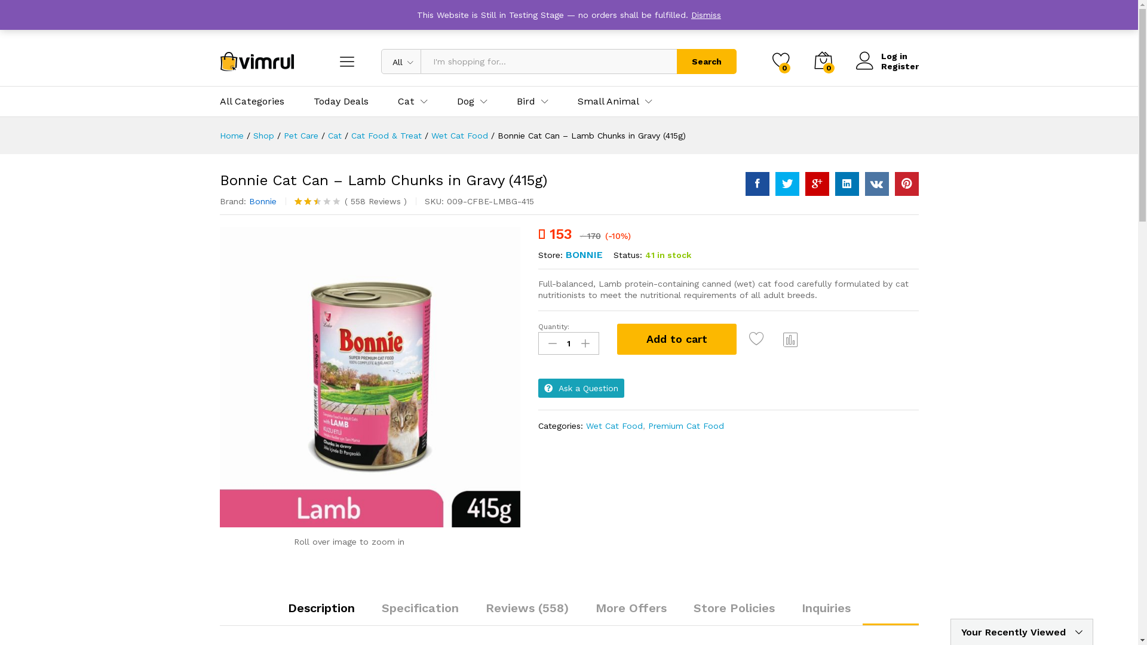 The image size is (1147, 645). I want to click on '( 558 Reviews )', so click(373, 200).